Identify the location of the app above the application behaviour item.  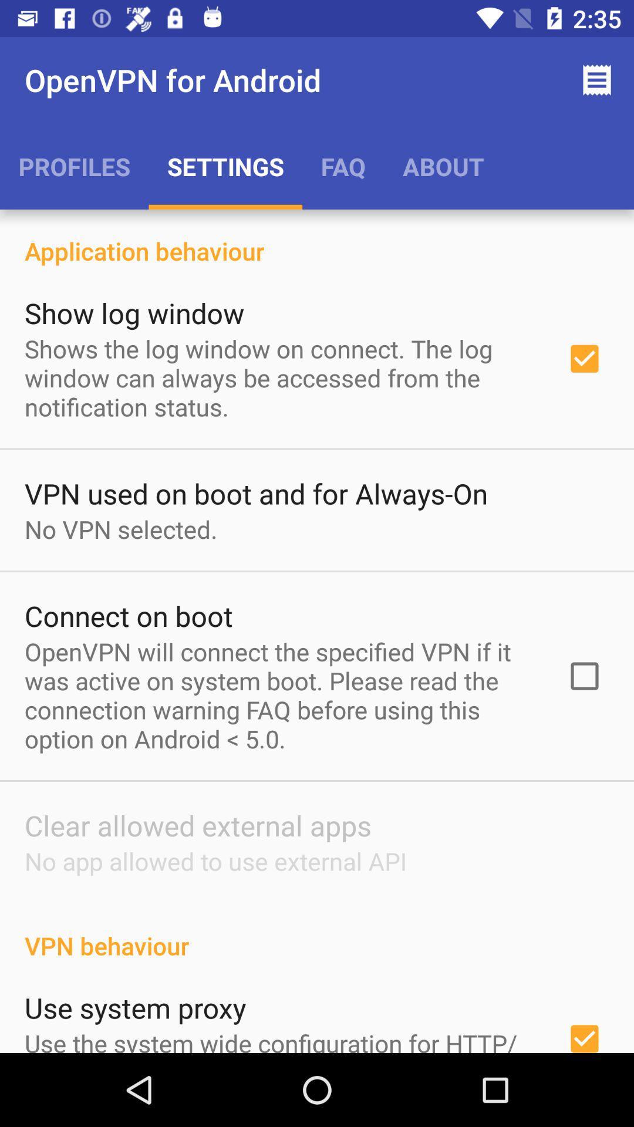
(74, 166).